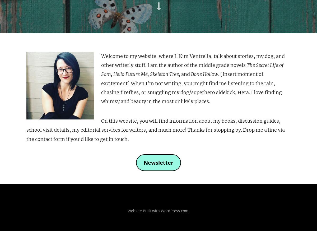 The width and height of the screenshot is (317, 231). I want to click on '.', so click(189, 210).